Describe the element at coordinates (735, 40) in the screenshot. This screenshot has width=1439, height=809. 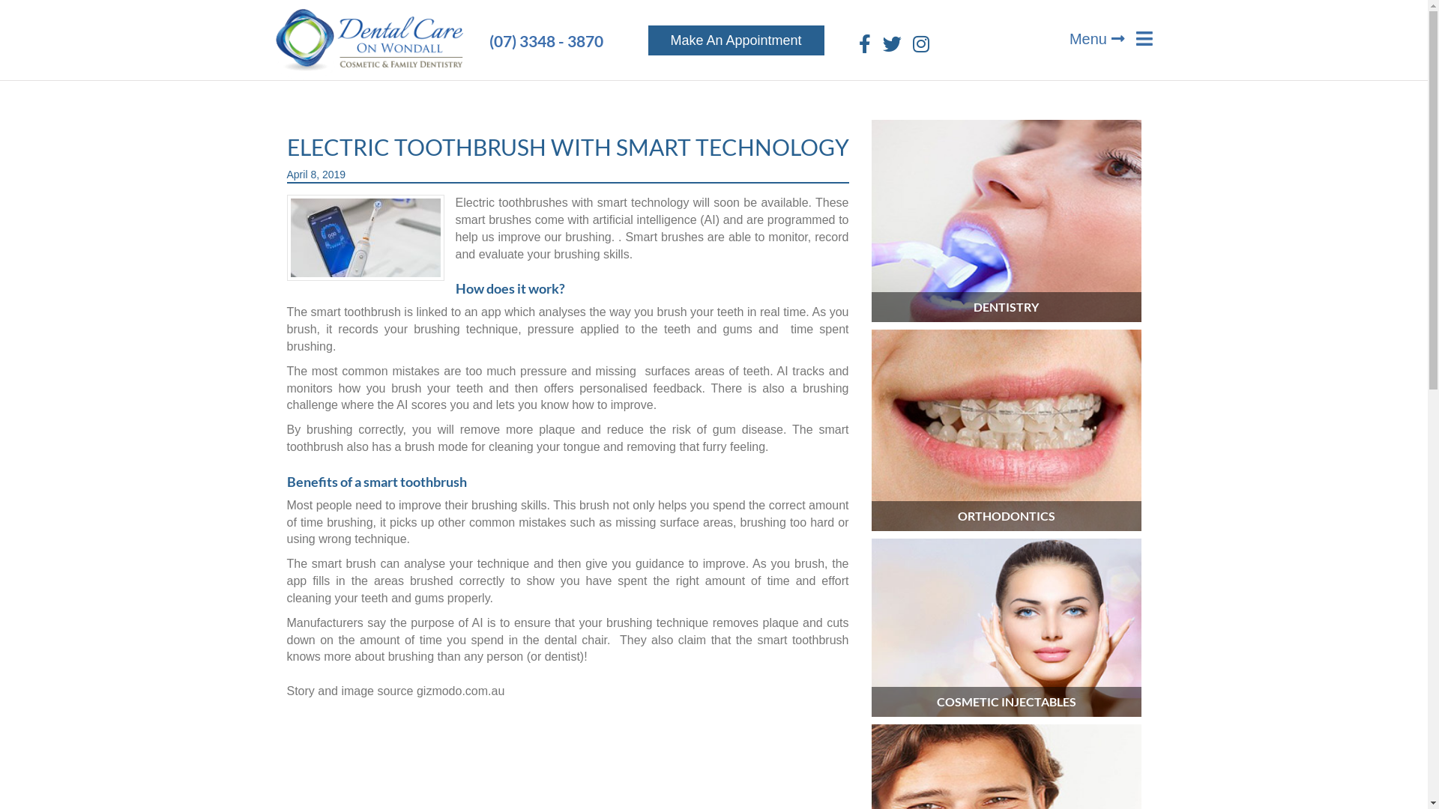
I see `'Make An Appointment'` at that location.